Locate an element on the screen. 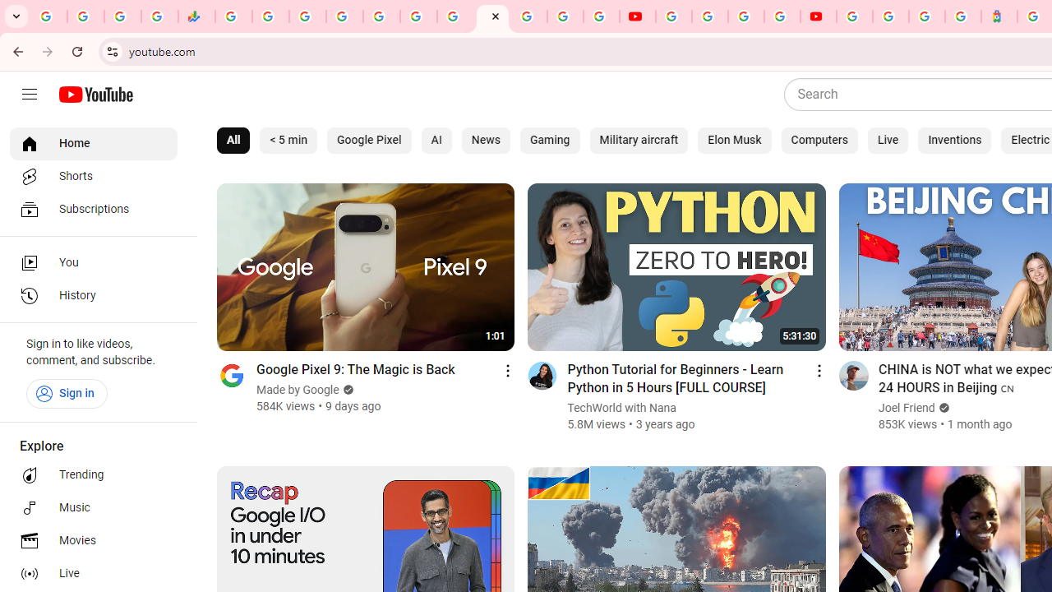  'Military aircraft' is located at coordinates (638, 140).